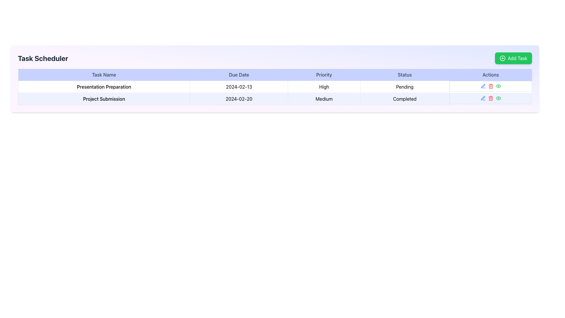  What do you see at coordinates (104, 87) in the screenshot?
I see `the table cell displaying the text 'Presentation Preparation' which is located under the 'Task Name' column in the first row of the table` at bounding box center [104, 87].